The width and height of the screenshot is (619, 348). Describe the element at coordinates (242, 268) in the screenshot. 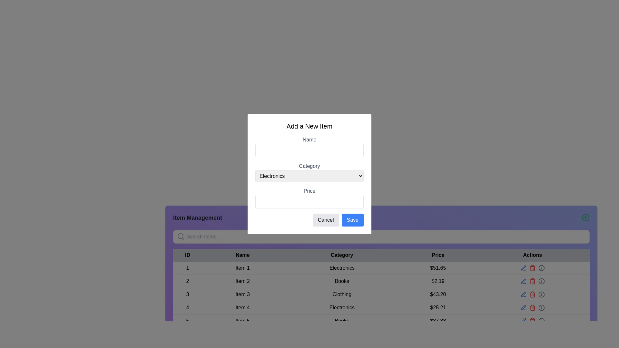

I see `the text label that contains the word 'Item 1', located in the table under the 'Name' column of row ID '1'` at that location.